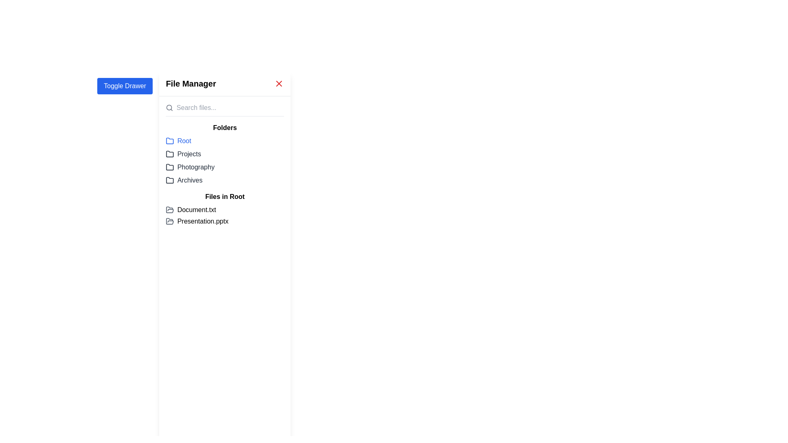 This screenshot has height=443, width=788. Describe the element at coordinates (169, 153) in the screenshot. I see `the folder icon representing the 'Projects' entry in the file menu, located in the 'Folders' section of the left panel` at that location.